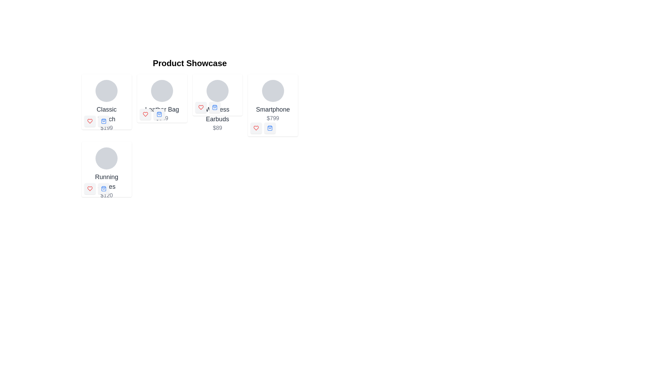  What do you see at coordinates (103, 121) in the screenshot?
I see `the button with a blue shopping bag icon located at the bottom-left corner of the product card` at bounding box center [103, 121].